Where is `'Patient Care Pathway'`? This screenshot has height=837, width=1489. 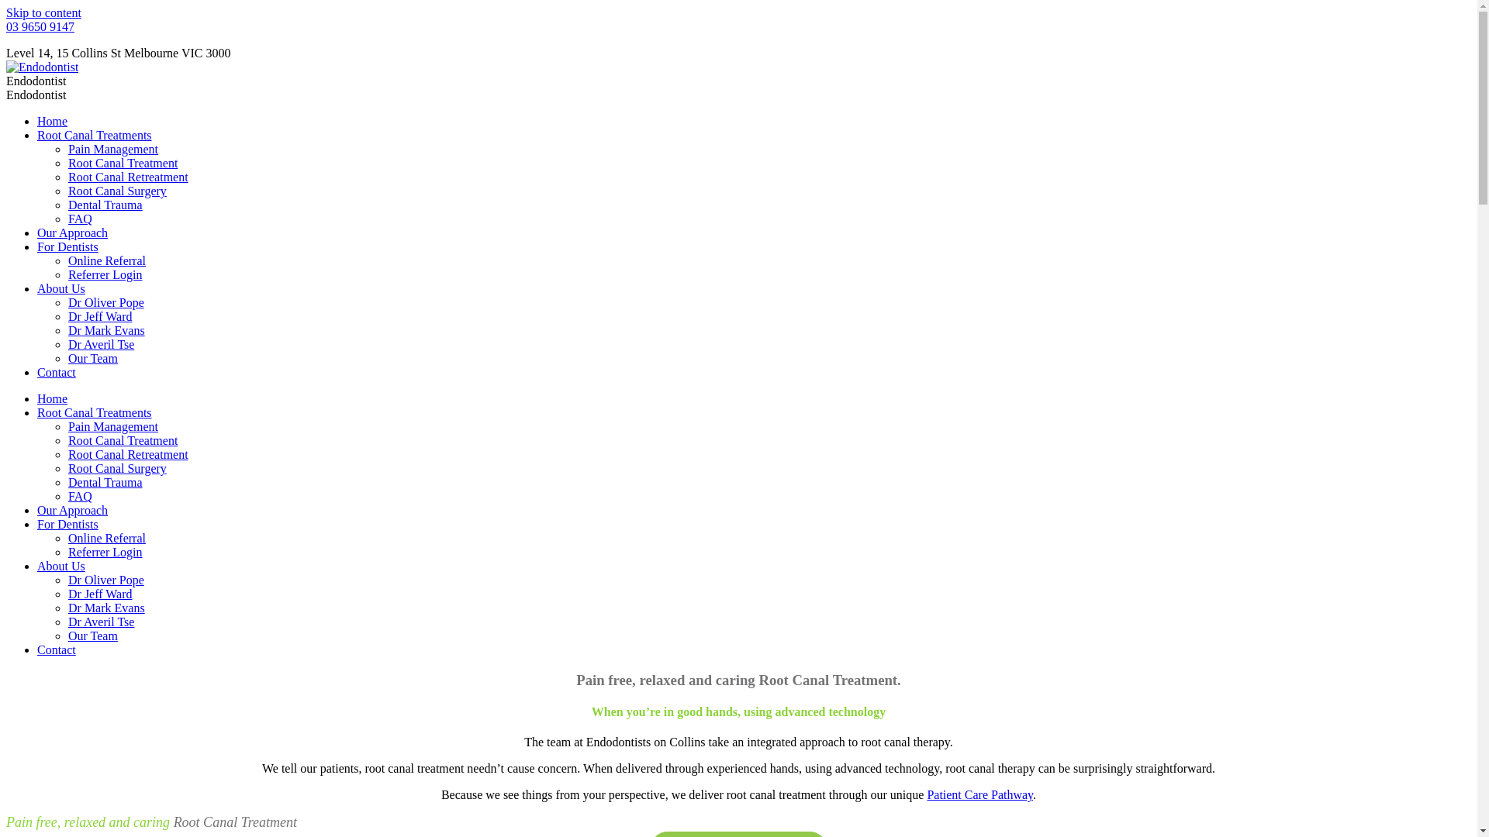 'Patient Care Pathway' is located at coordinates (979, 794).